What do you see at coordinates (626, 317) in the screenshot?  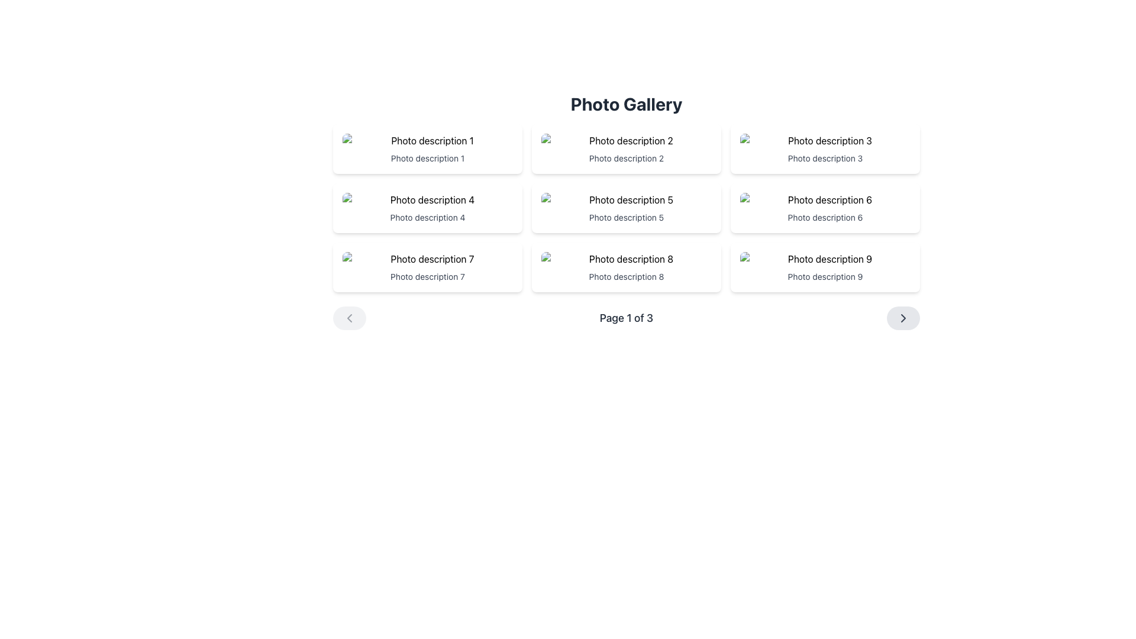 I see `the text label stating 'Page 1 of 3', which is styled with a medium font size and dark gray color, located at the bottom center of the pagination control` at bounding box center [626, 317].